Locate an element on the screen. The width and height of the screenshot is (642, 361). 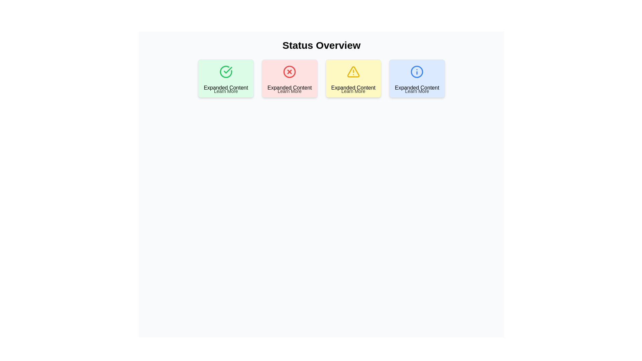
the text label that states 'Expanded Content', which is located within the rightmost card in a horizontal group of four cards, positioned at the top-center of the card section and directly below the blue circle information icon is located at coordinates (417, 87).